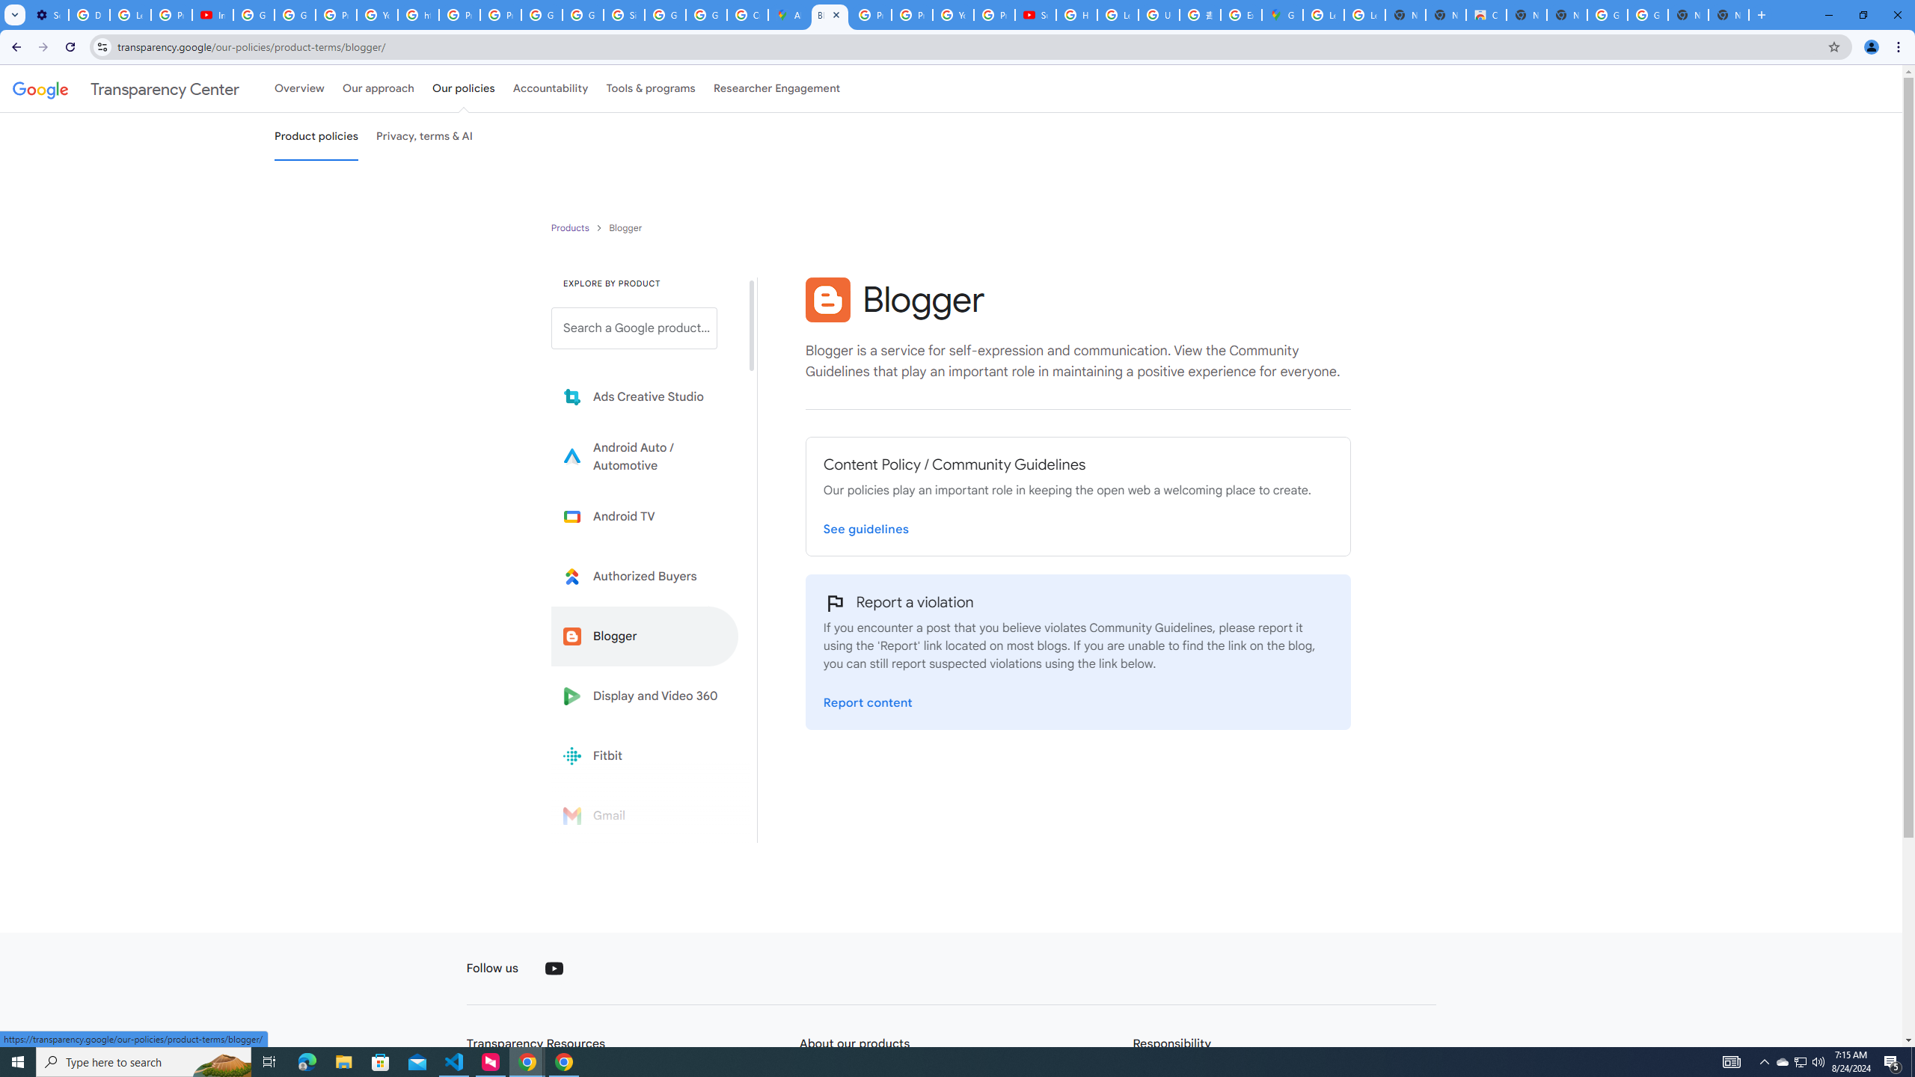 This screenshot has height=1077, width=1915. What do you see at coordinates (644, 755) in the screenshot?
I see `'Fitbit'` at bounding box center [644, 755].